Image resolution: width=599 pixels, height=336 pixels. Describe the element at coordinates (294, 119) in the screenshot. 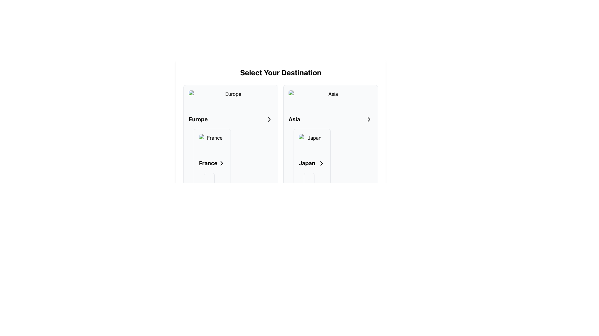

I see `the bold text label displaying 'Asia' which is located to the left of the right-pointing arrow icon within the panel labeled 'Asia.'` at that location.